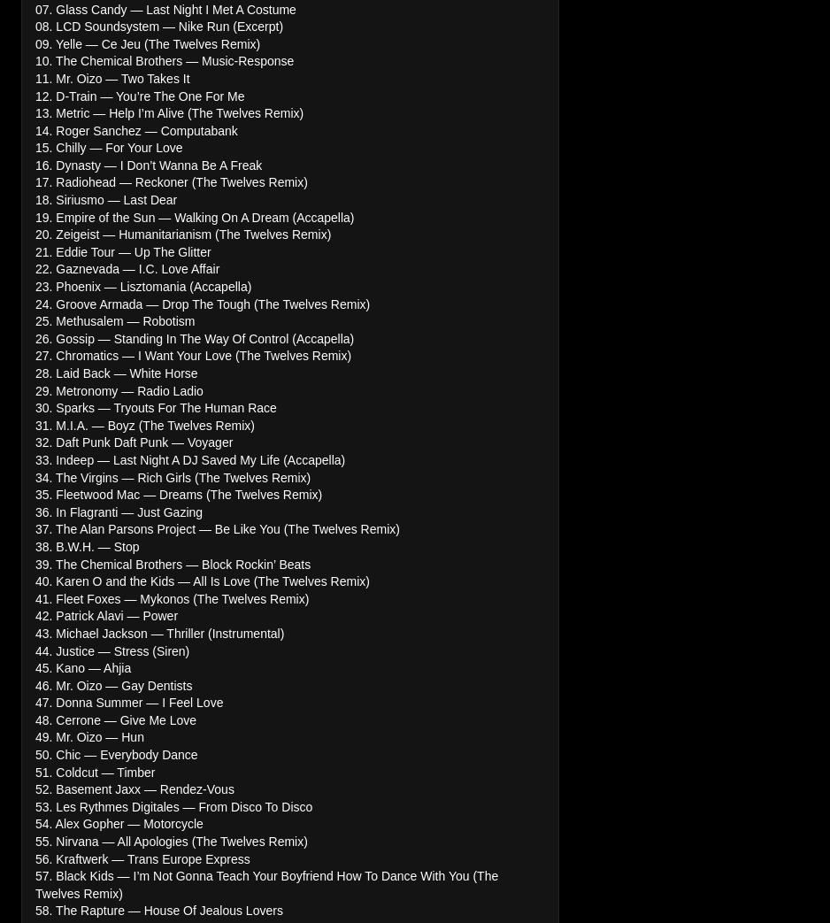  I want to click on '44. Justice — Stress (Siren)', so click(34, 650).